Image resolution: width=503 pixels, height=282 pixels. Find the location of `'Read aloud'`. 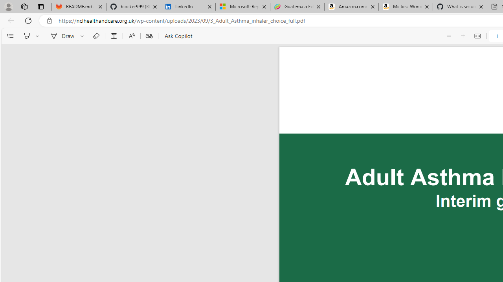

'Read aloud' is located at coordinates (131, 36).